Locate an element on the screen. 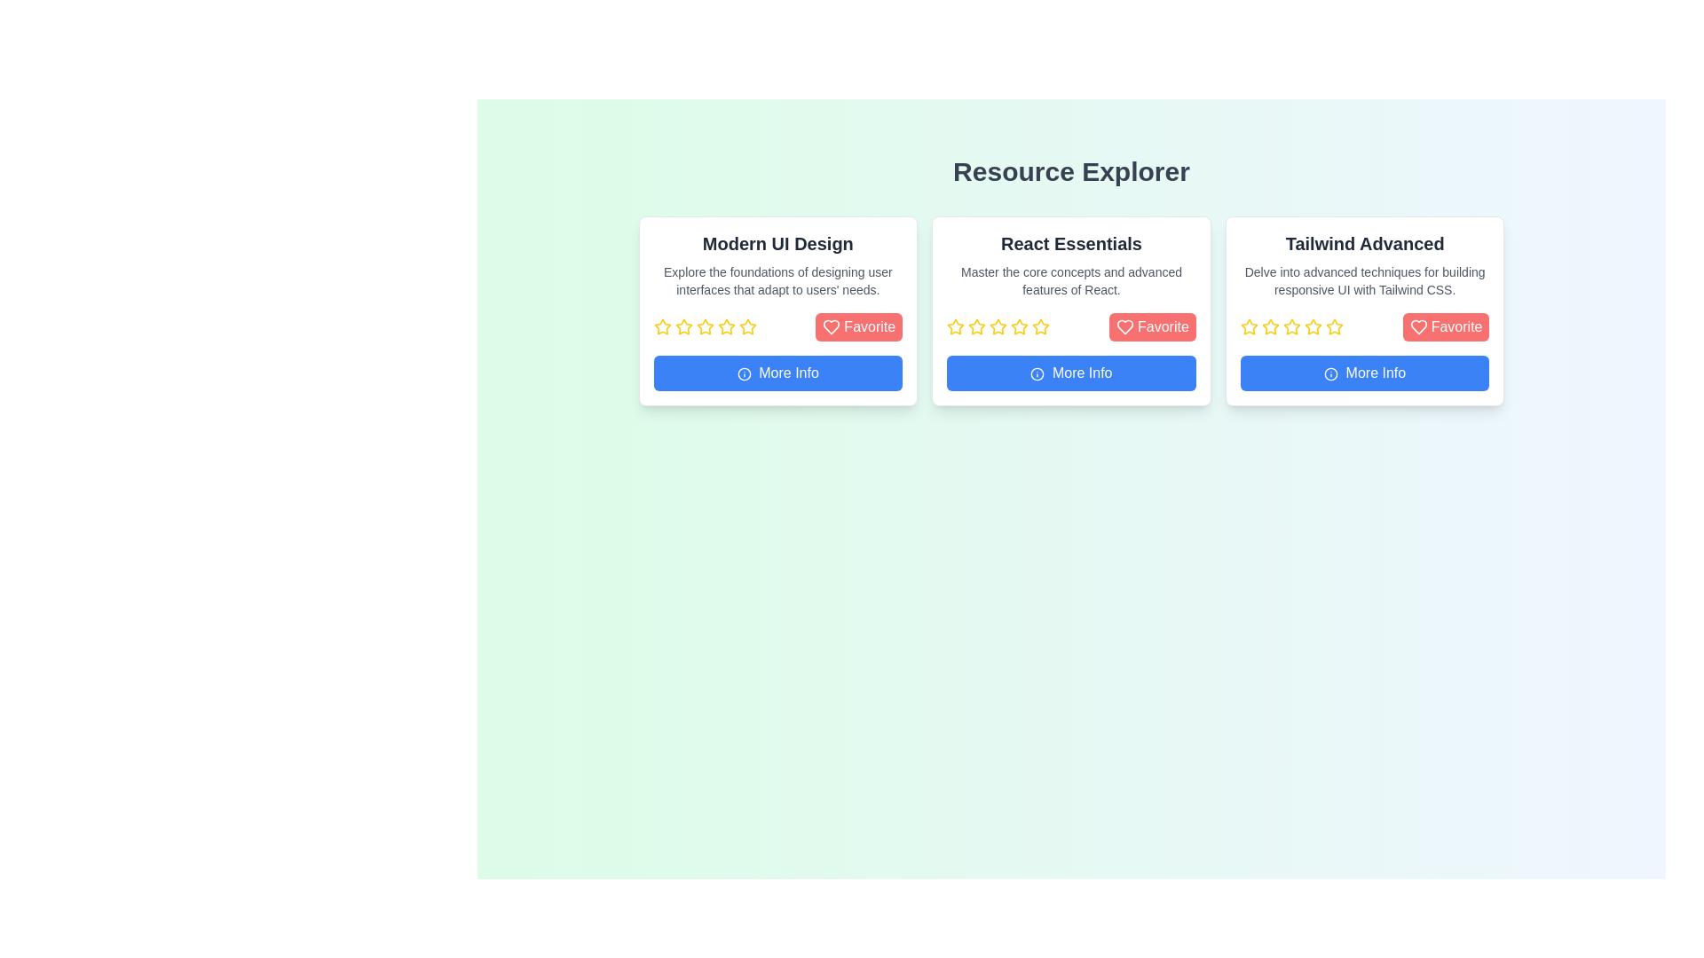 This screenshot has height=958, width=1704. the first rating star icon in the 'Modern UI Design' card to assign a score is located at coordinates (661, 327).